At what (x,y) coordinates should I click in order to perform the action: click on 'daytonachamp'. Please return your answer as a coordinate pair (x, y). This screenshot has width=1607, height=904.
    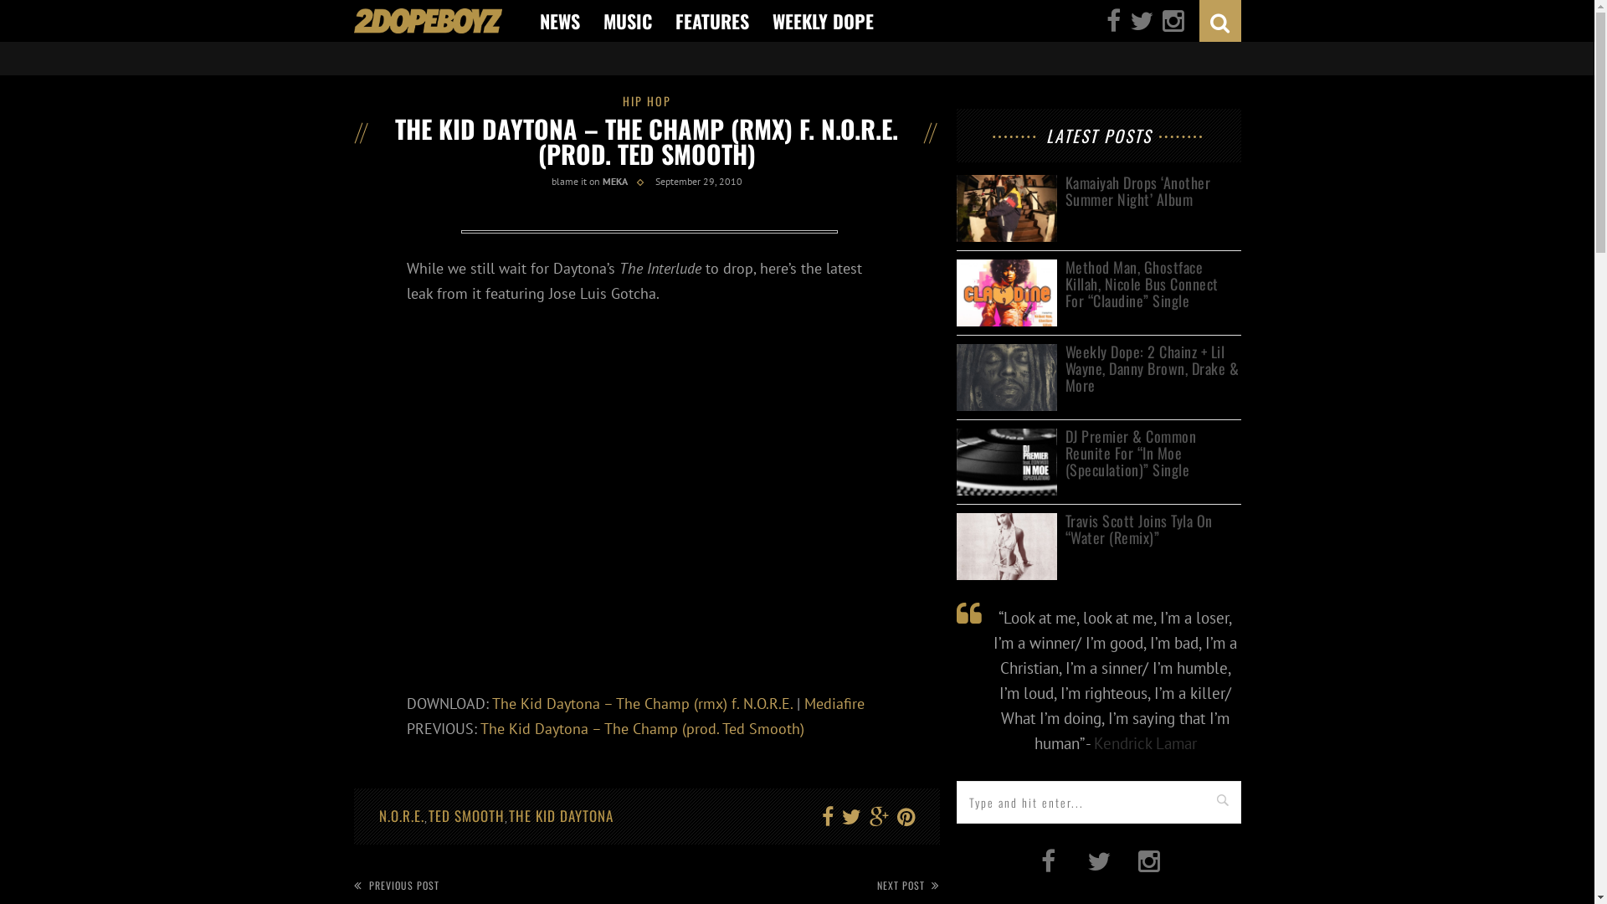
    Looking at the image, I should click on (647, 234).